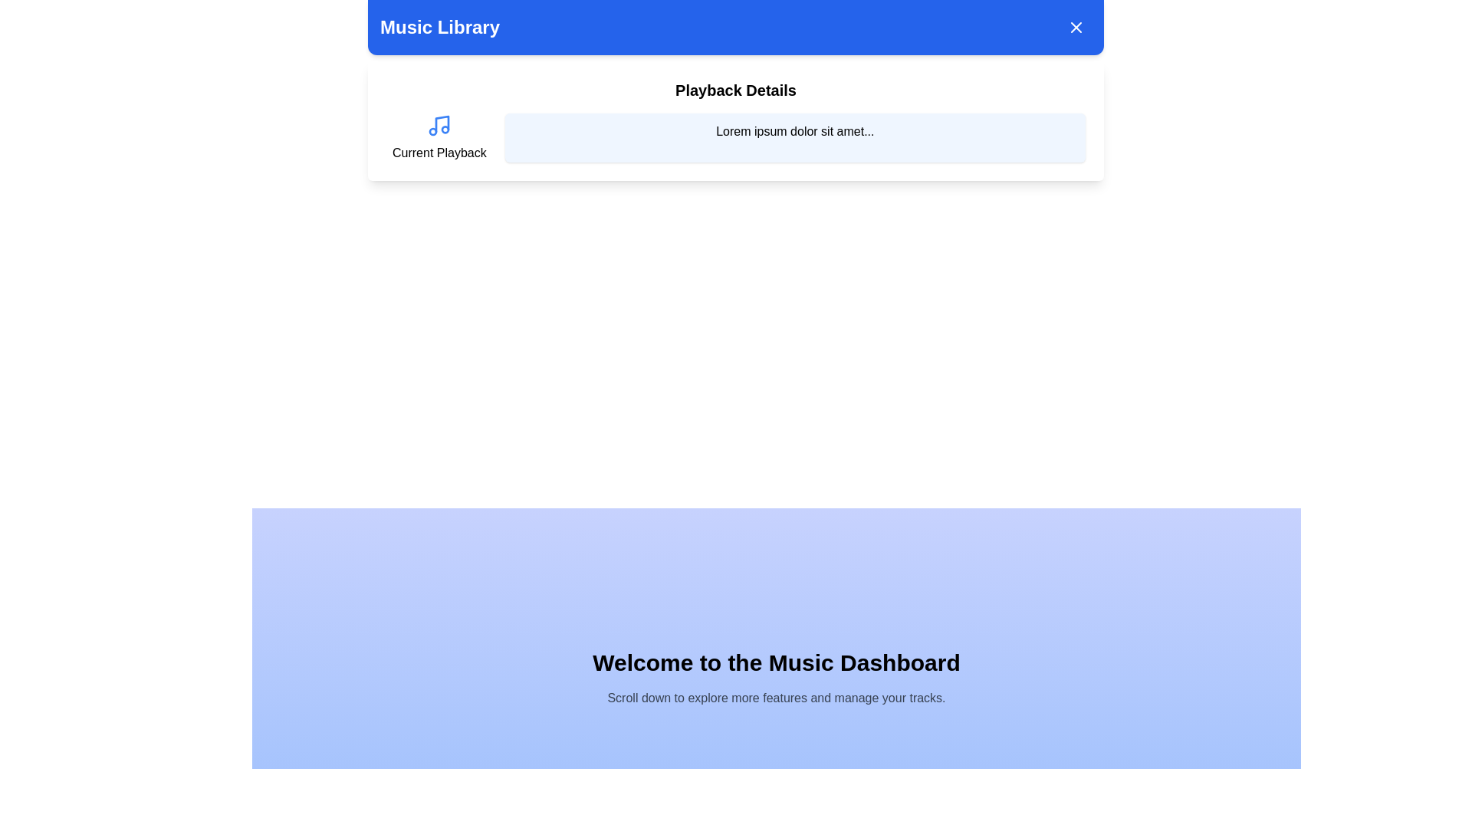 The image size is (1472, 828). Describe the element at coordinates (1075, 27) in the screenshot. I see `the 'X' icon button in the top-right corner of the 'Music Library' header` at that location.